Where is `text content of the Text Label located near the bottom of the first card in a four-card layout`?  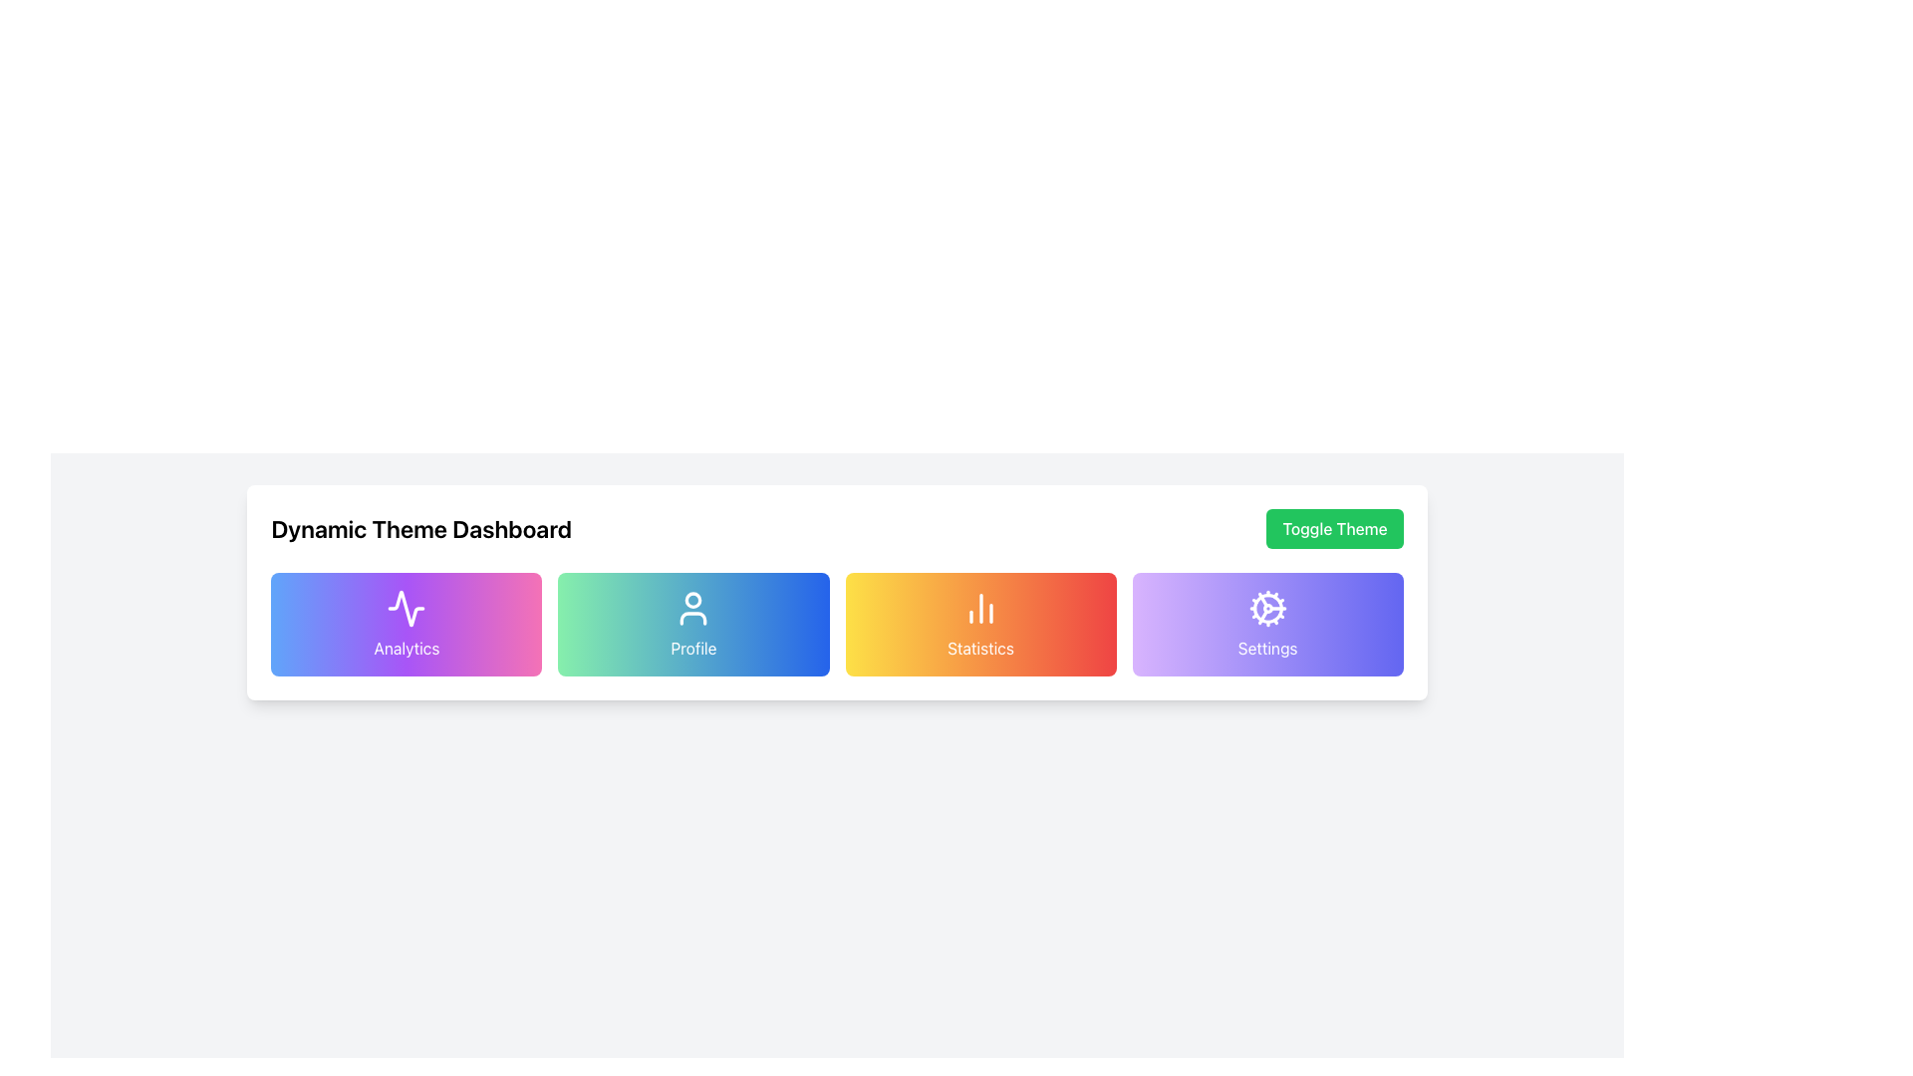
text content of the Text Label located near the bottom of the first card in a four-card layout is located at coordinates (406, 649).